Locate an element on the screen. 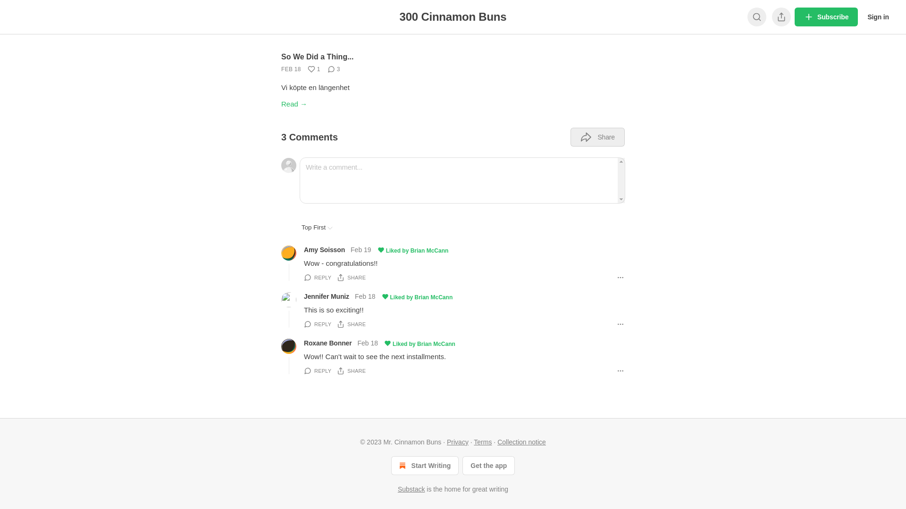 This screenshot has width=906, height=509. 'Substack' is located at coordinates (398, 488).